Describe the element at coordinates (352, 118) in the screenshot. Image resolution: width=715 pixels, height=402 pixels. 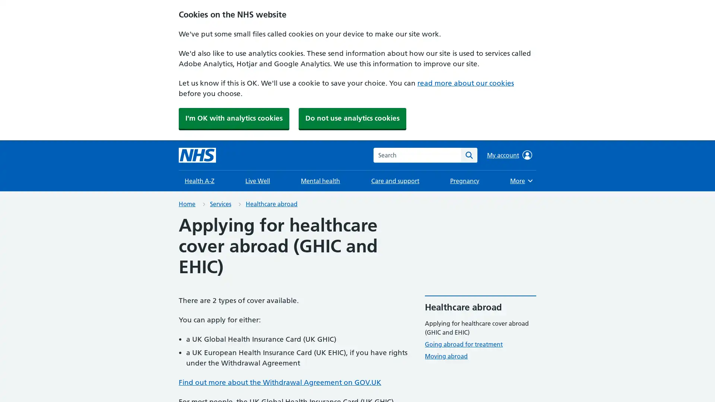
I see `Do not use analytics cookies` at that location.